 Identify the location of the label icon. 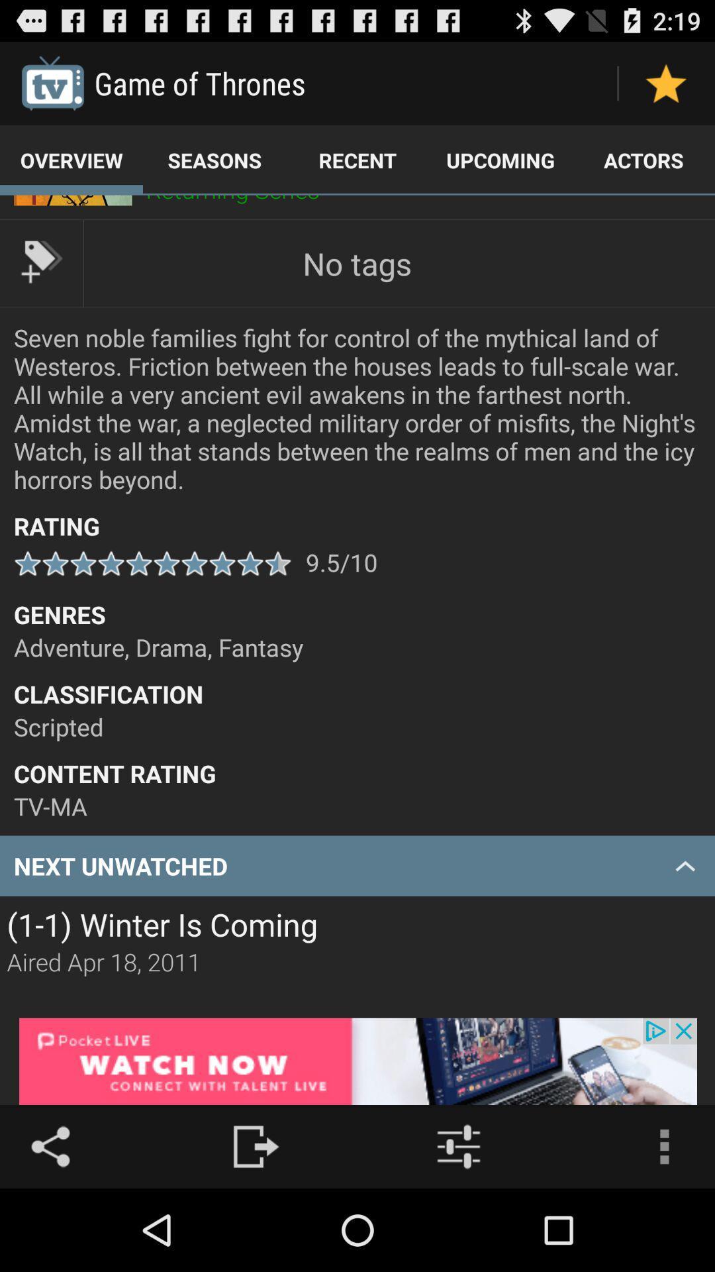
(40, 279).